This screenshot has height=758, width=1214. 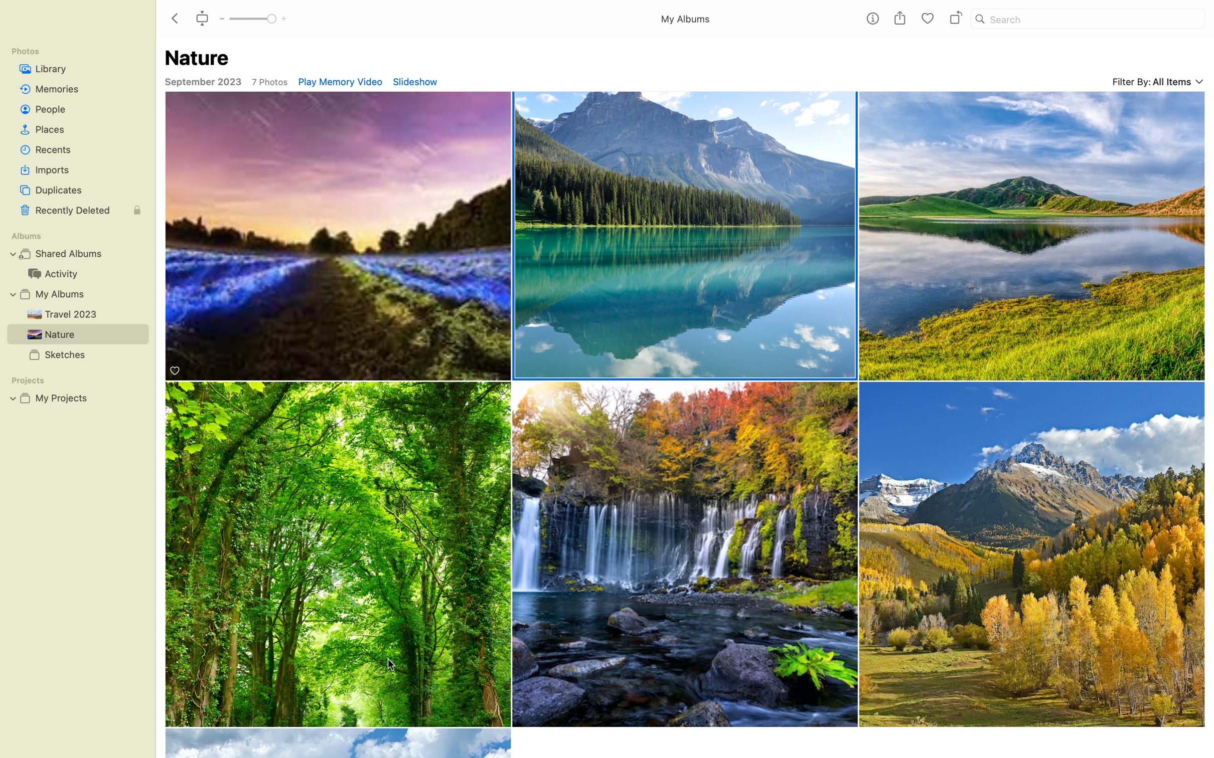 I want to click on Scroll down to the bottom of the page, so click(x=2305386, y=892924).